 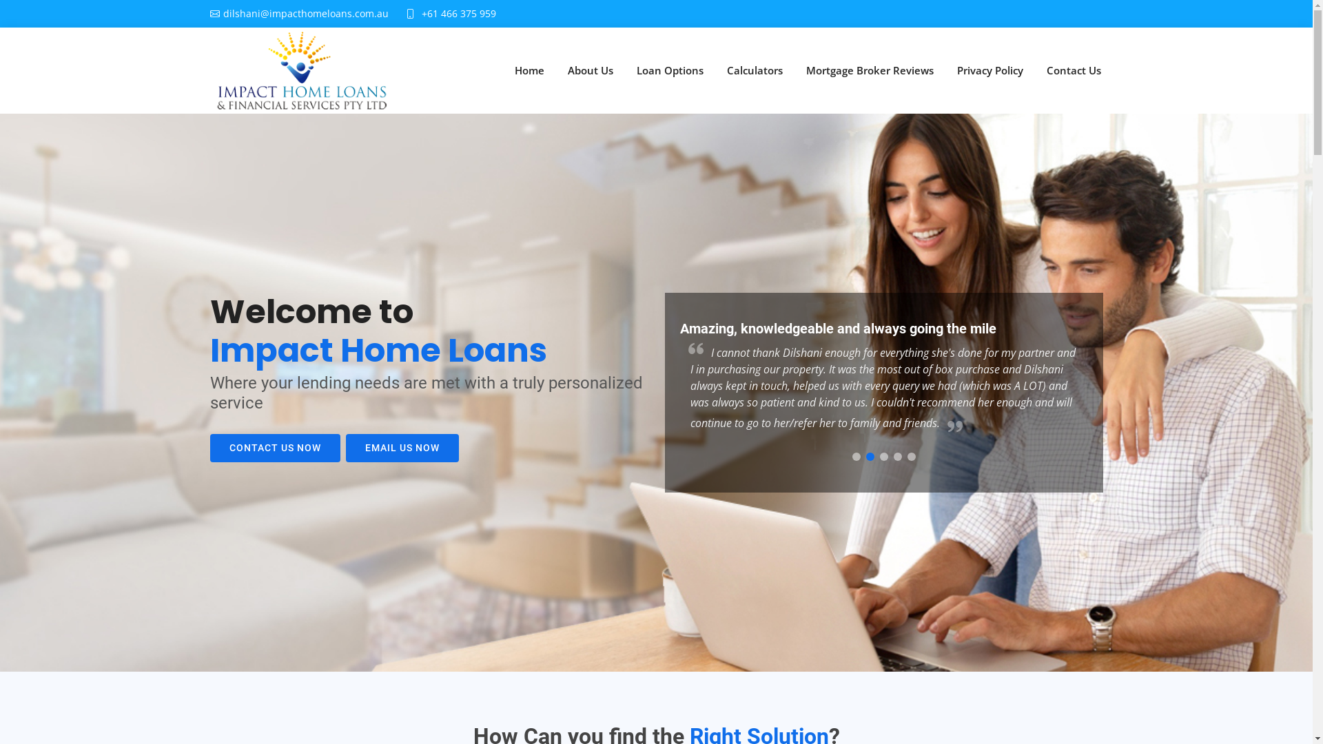 I want to click on 'Home', so click(x=529, y=70).